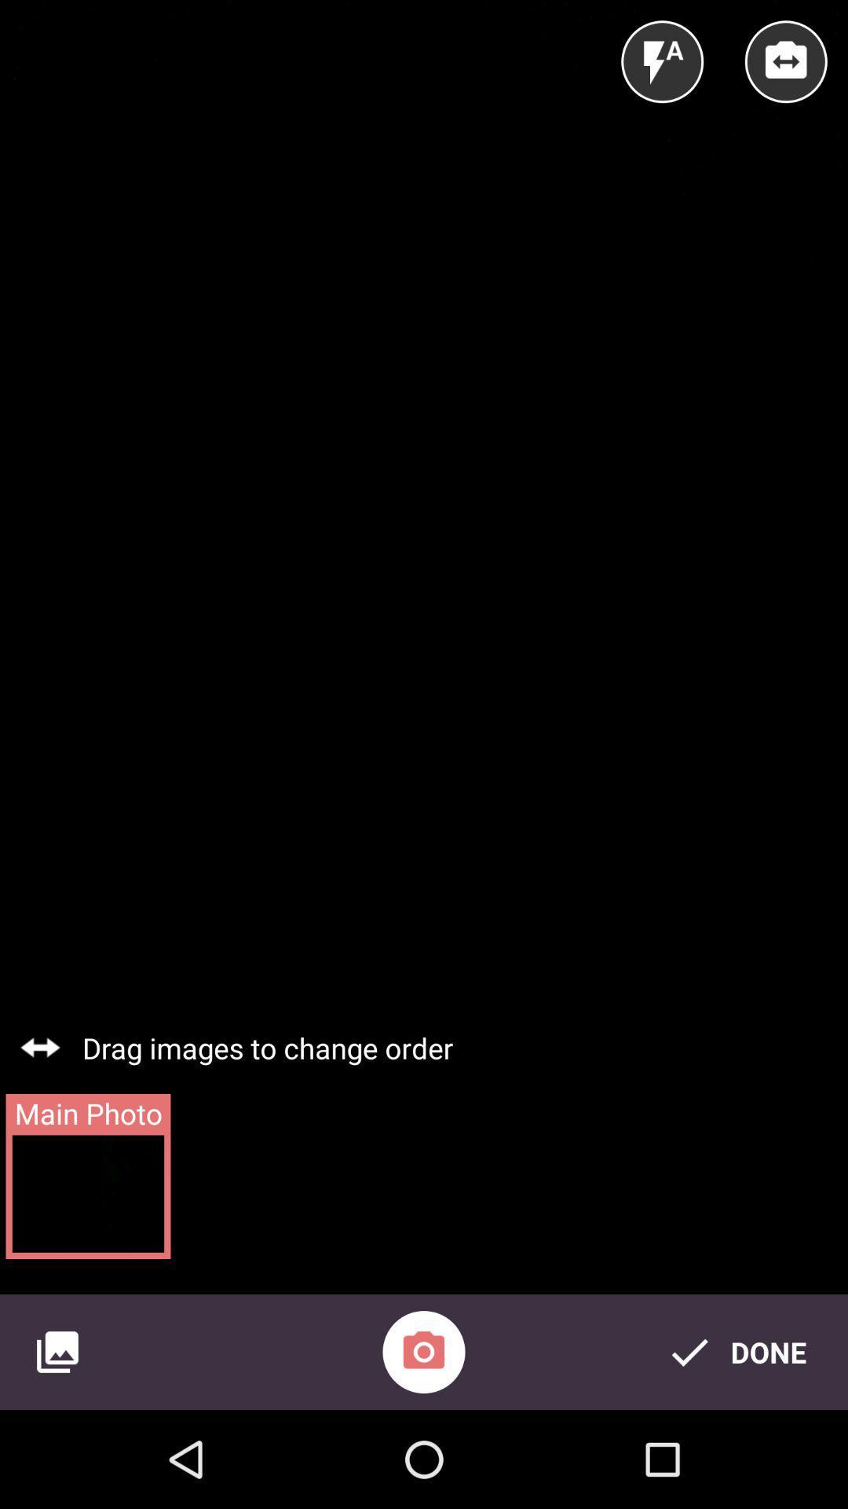 Image resolution: width=848 pixels, height=1509 pixels. Describe the element at coordinates (424, 704) in the screenshot. I see `icon at the center` at that location.